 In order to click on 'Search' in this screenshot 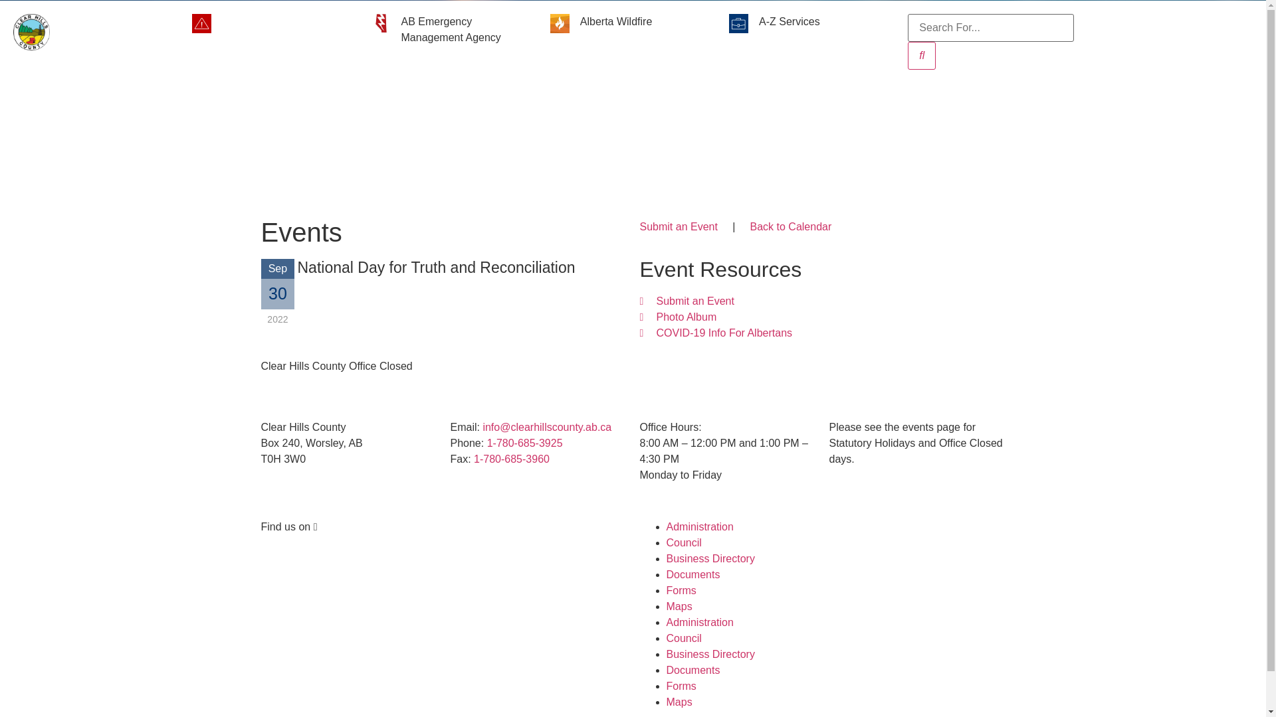, I will do `click(921, 55)`.